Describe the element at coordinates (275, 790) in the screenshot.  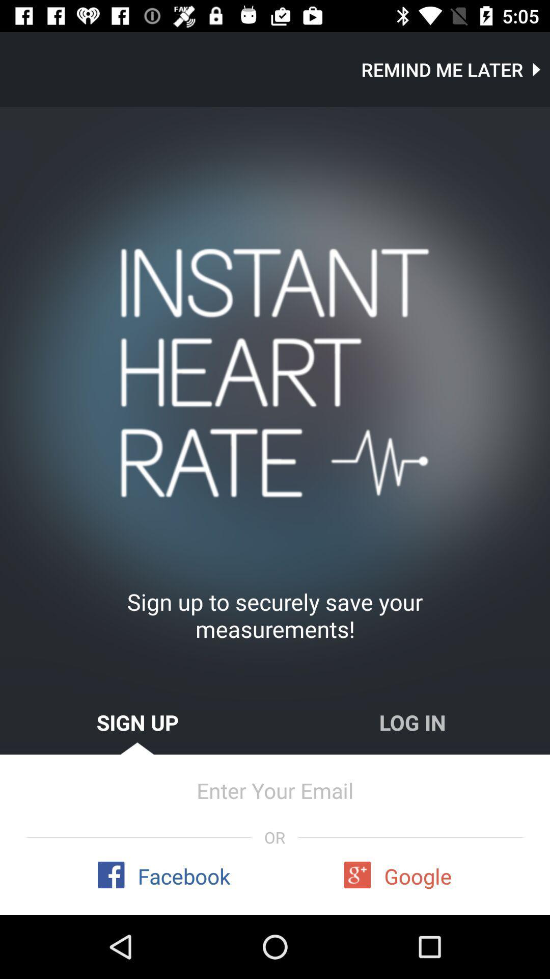
I see `the enter your email item` at that location.